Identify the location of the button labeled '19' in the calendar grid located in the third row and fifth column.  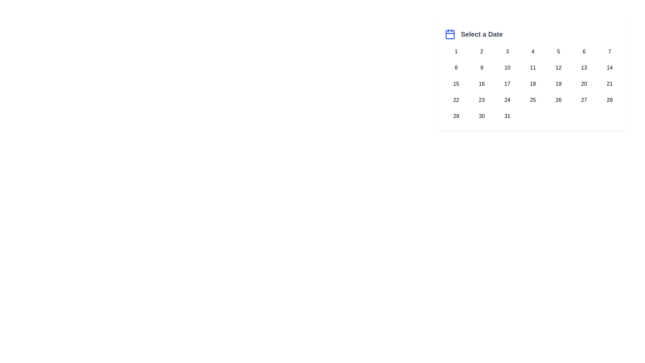
(558, 84).